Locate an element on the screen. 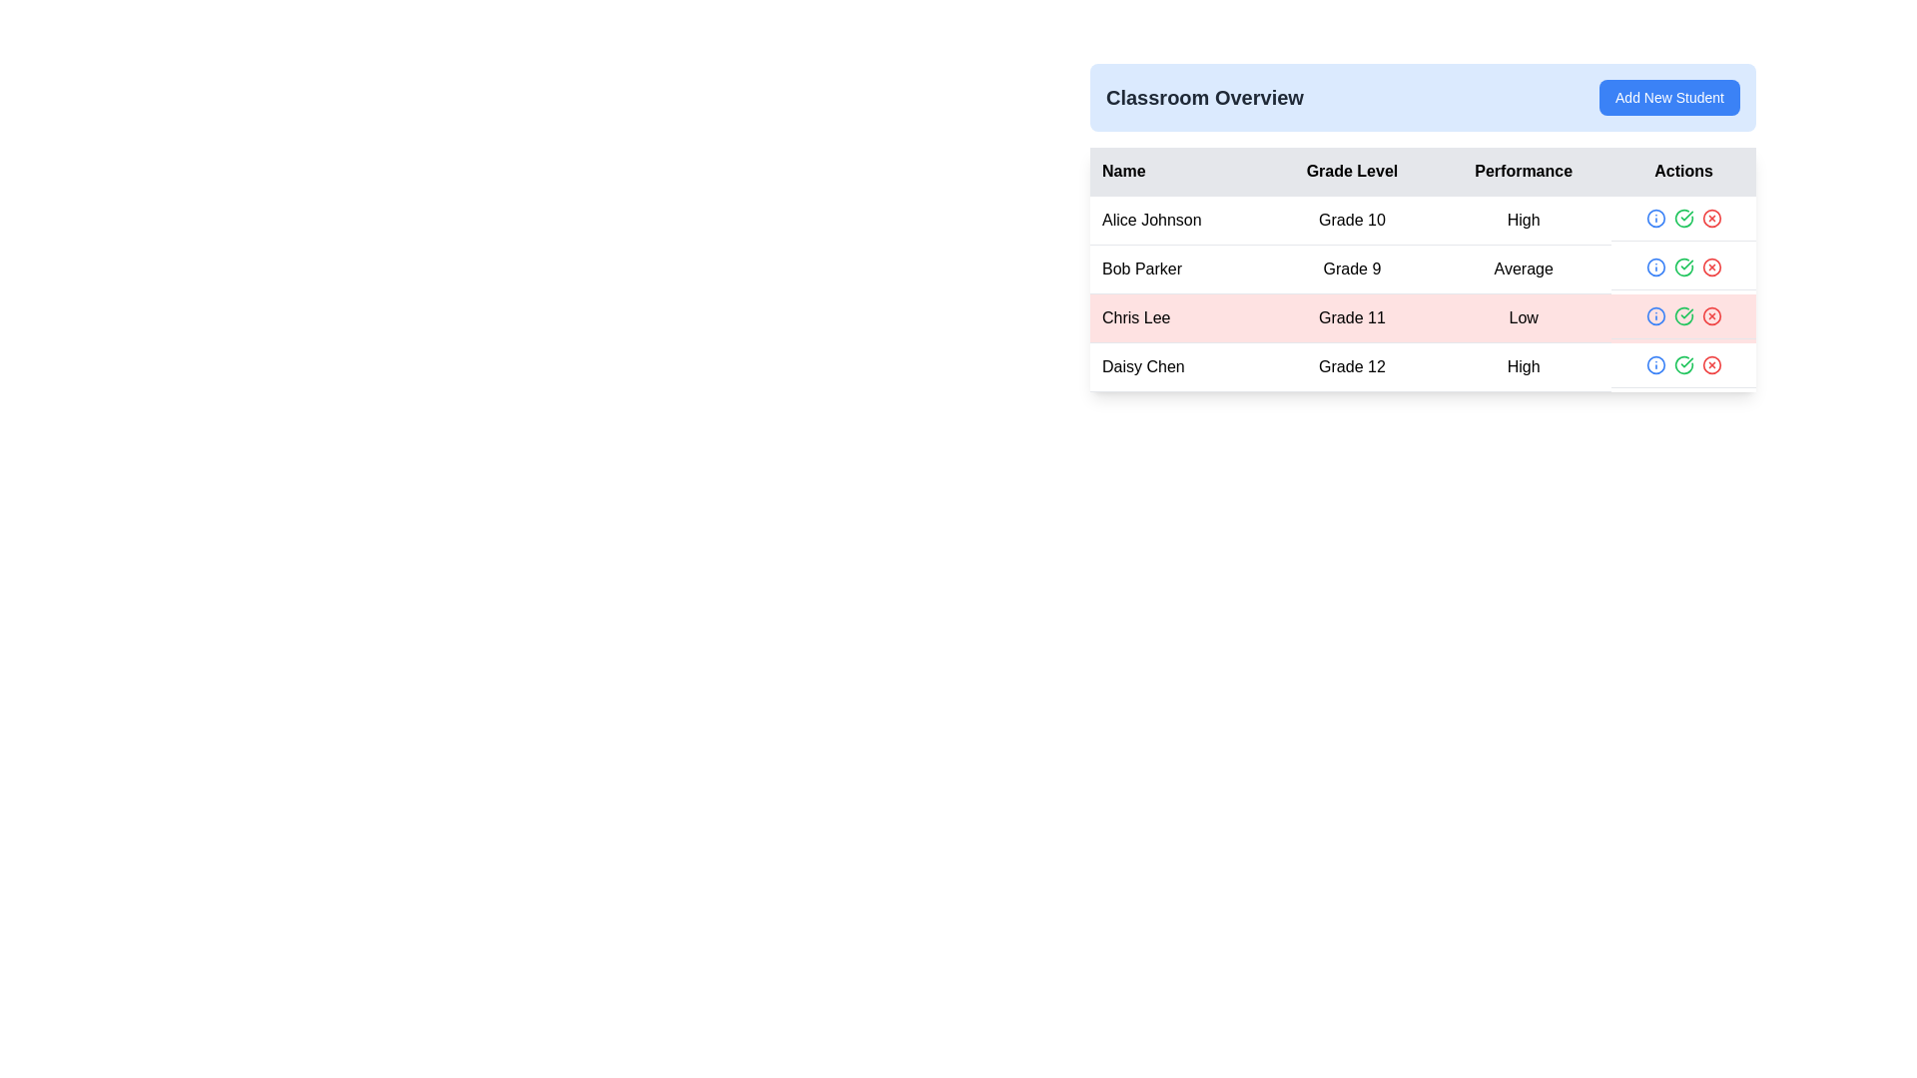  the data row in the table that displays student information, positioned in the third row between 'Bob Parker' and 'Daisy Chen' is located at coordinates (1422, 317).